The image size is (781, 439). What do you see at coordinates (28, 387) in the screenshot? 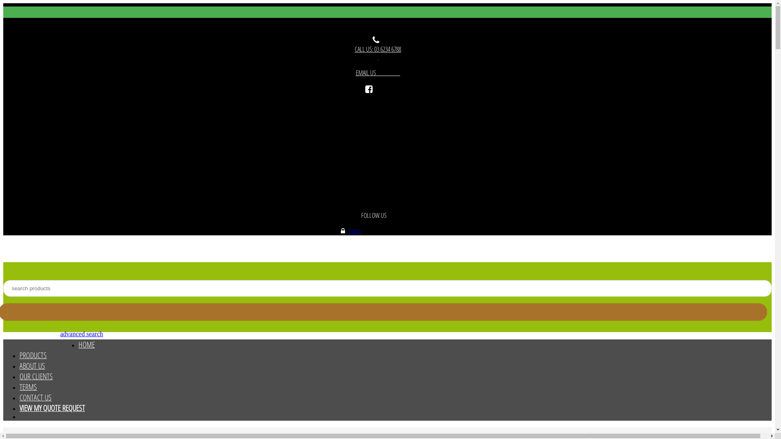
I see `'TERMS'` at bounding box center [28, 387].